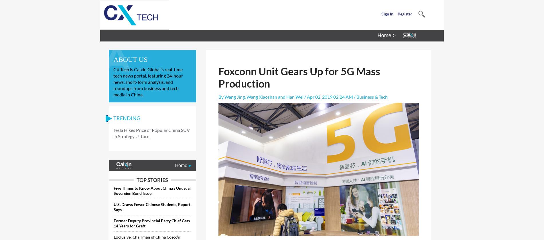  Describe the element at coordinates (113, 59) in the screenshot. I see `'ABOUT US'` at that location.